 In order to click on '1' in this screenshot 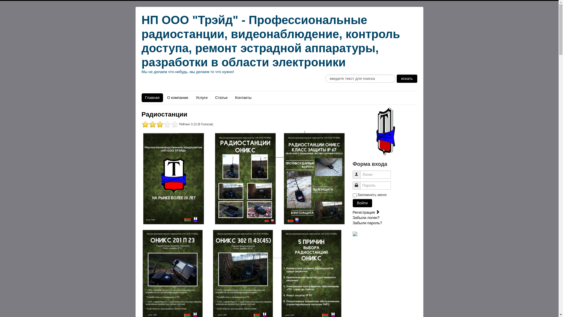, I will do `click(145, 124)`.